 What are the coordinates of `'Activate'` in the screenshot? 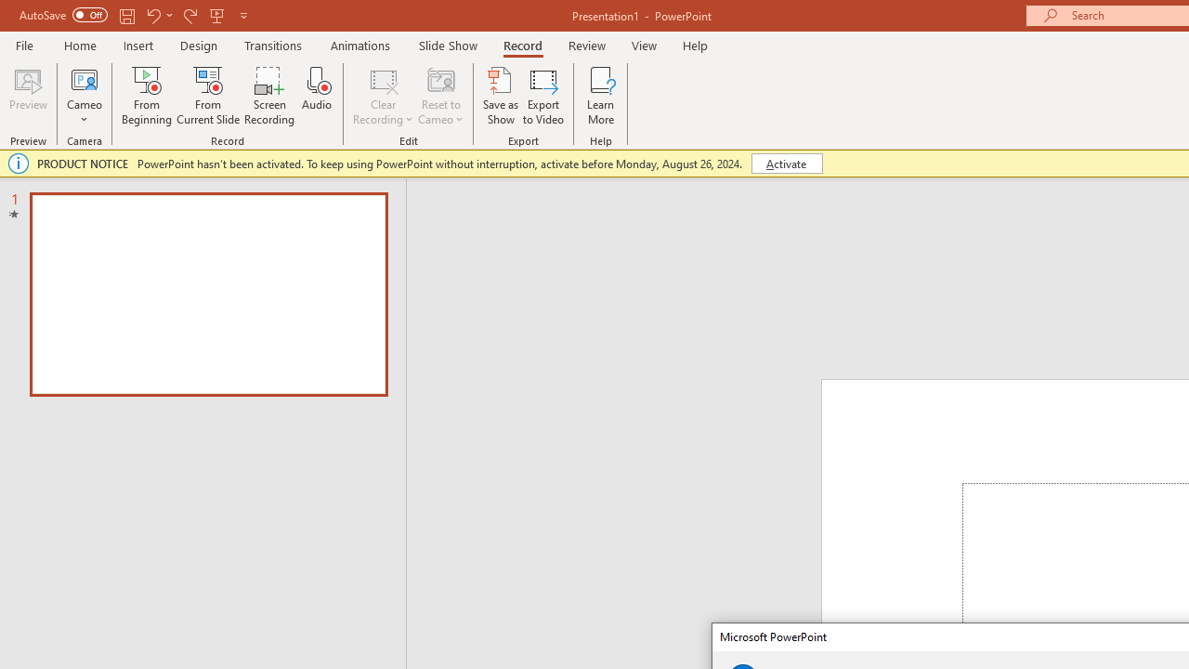 It's located at (787, 163).